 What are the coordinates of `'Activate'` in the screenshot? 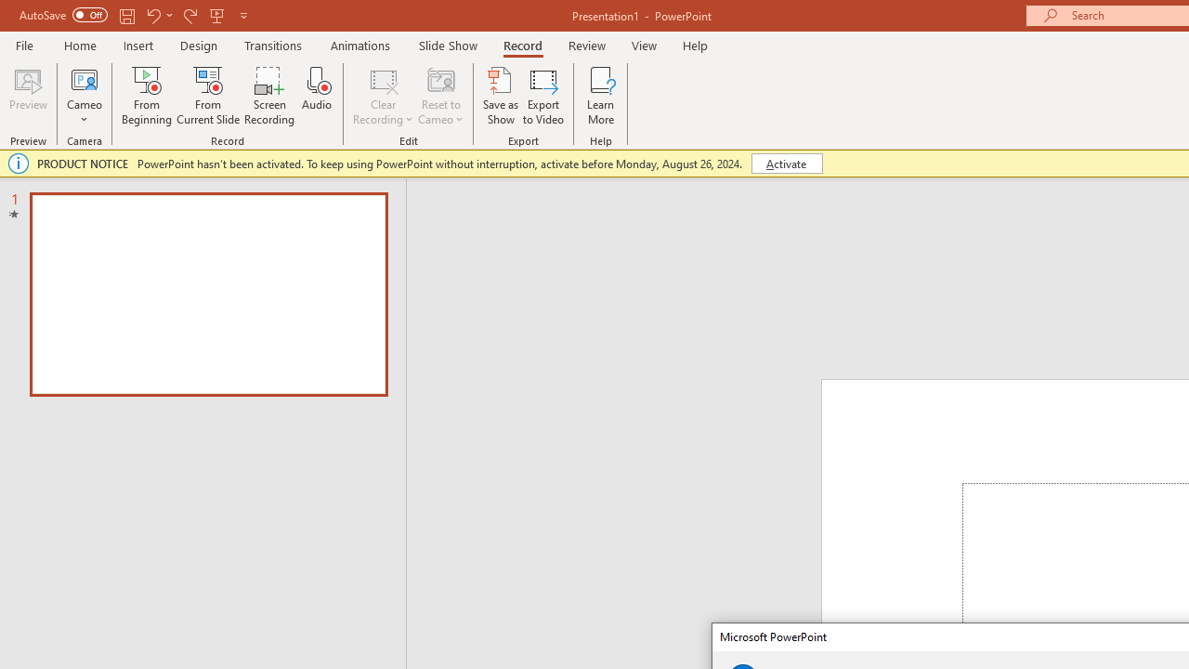 It's located at (787, 163).